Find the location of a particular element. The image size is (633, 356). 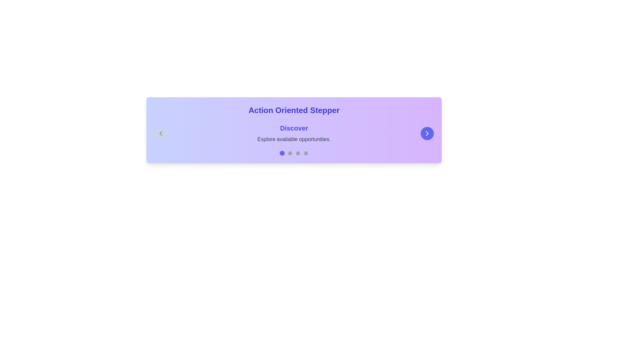

the circular navigation button icon on the left-hand side of the rectangular card in the stepper interface is located at coordinates (161, 133).